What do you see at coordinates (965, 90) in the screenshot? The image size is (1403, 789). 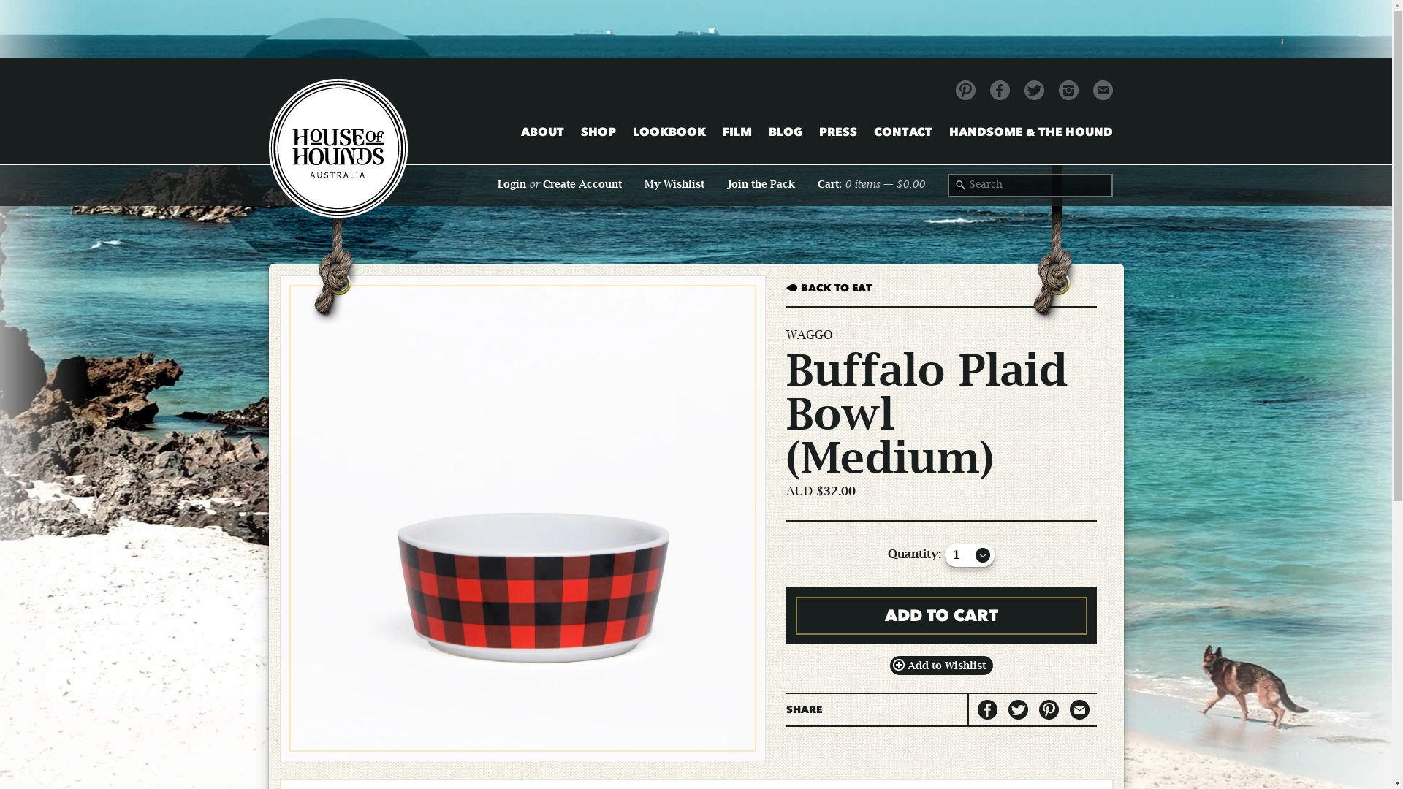 I see `'Pinterest'` at bounding box center [965, 90].